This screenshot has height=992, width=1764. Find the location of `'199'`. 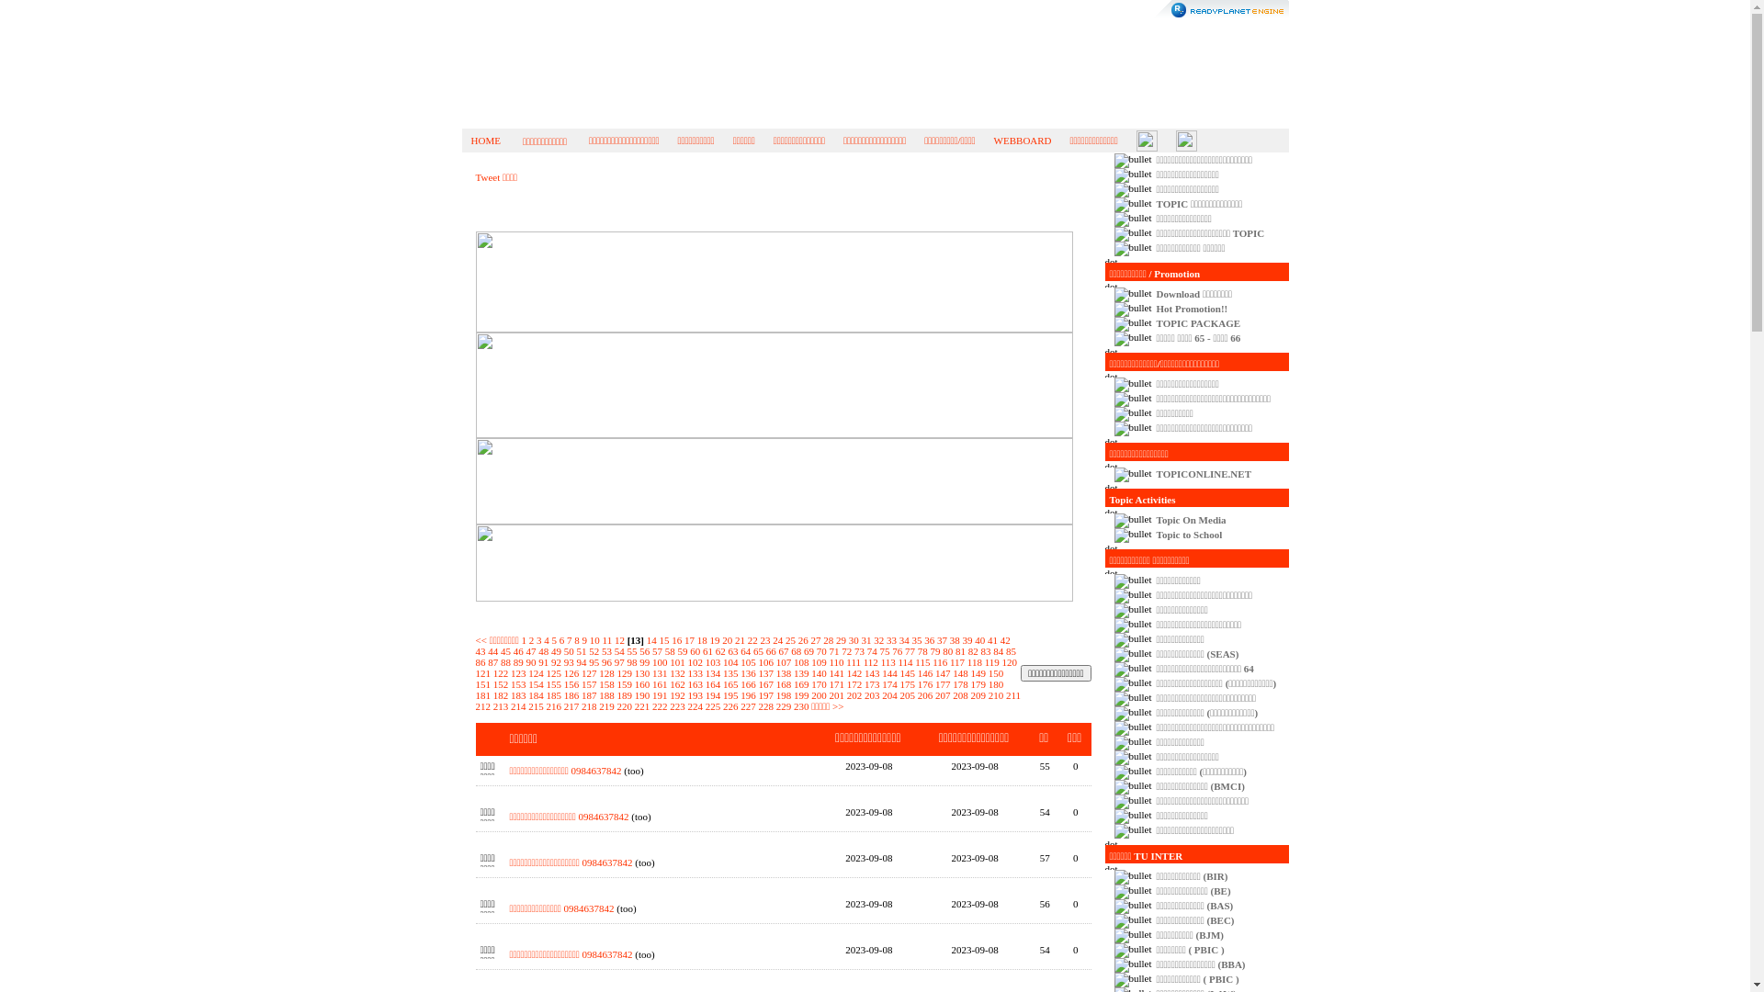

'199' is located at coordinates (794, 694).